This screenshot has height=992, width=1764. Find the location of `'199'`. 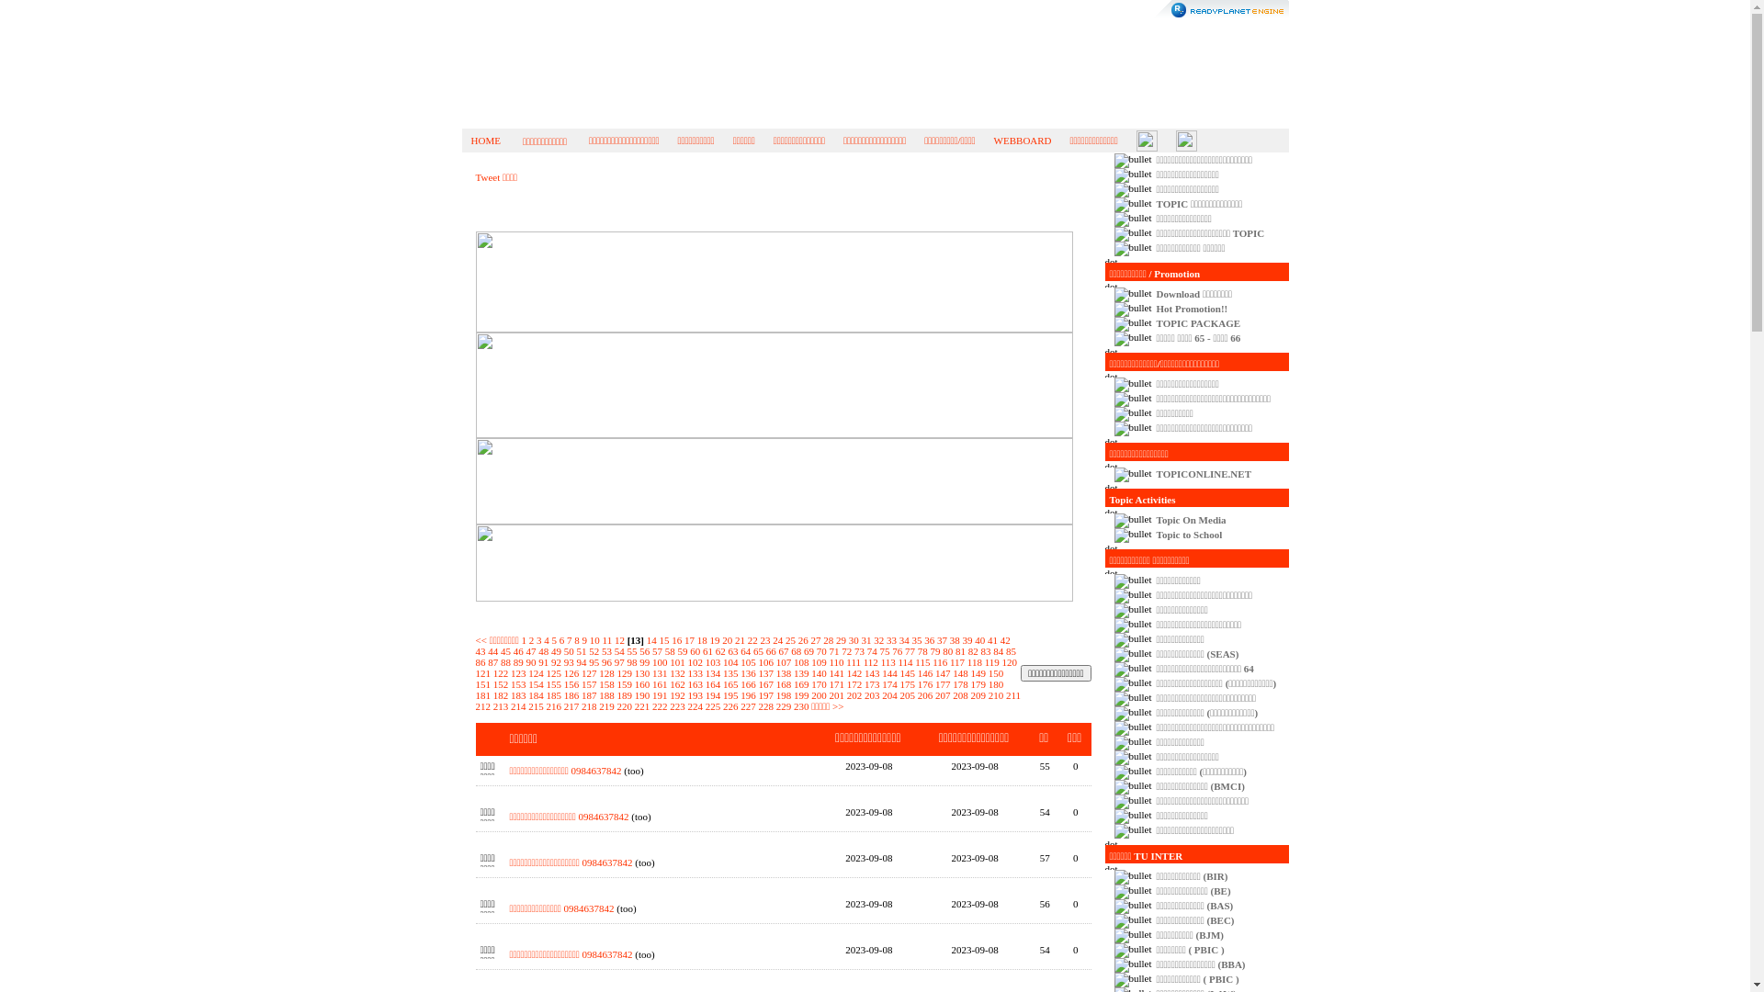

'199' is located at coordinates (794, 694).